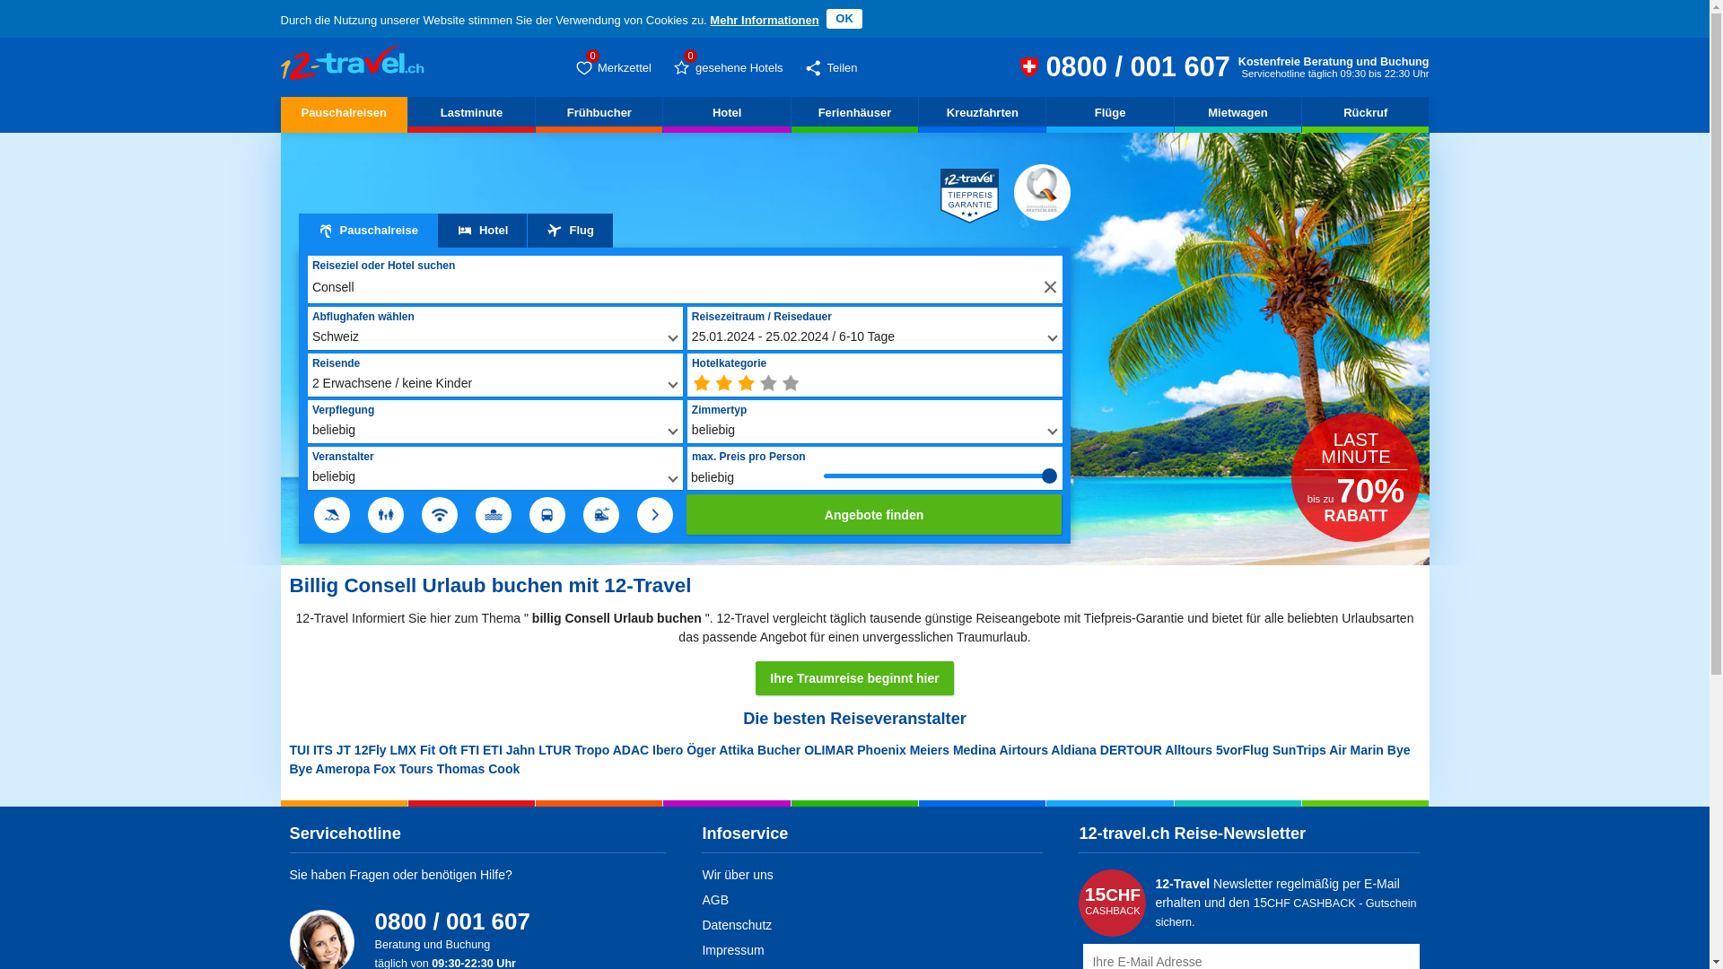 This screenshot has height=969, width=1723. Describe the element at coordinates (1188, 750) in the screenshot. I see `'Alltours'` at that location.